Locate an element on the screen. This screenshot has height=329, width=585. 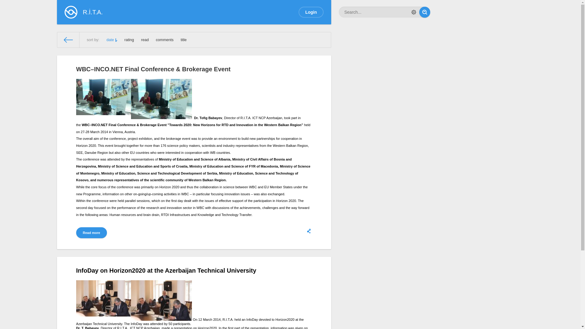
'date' is located at coordinates (112, 40).